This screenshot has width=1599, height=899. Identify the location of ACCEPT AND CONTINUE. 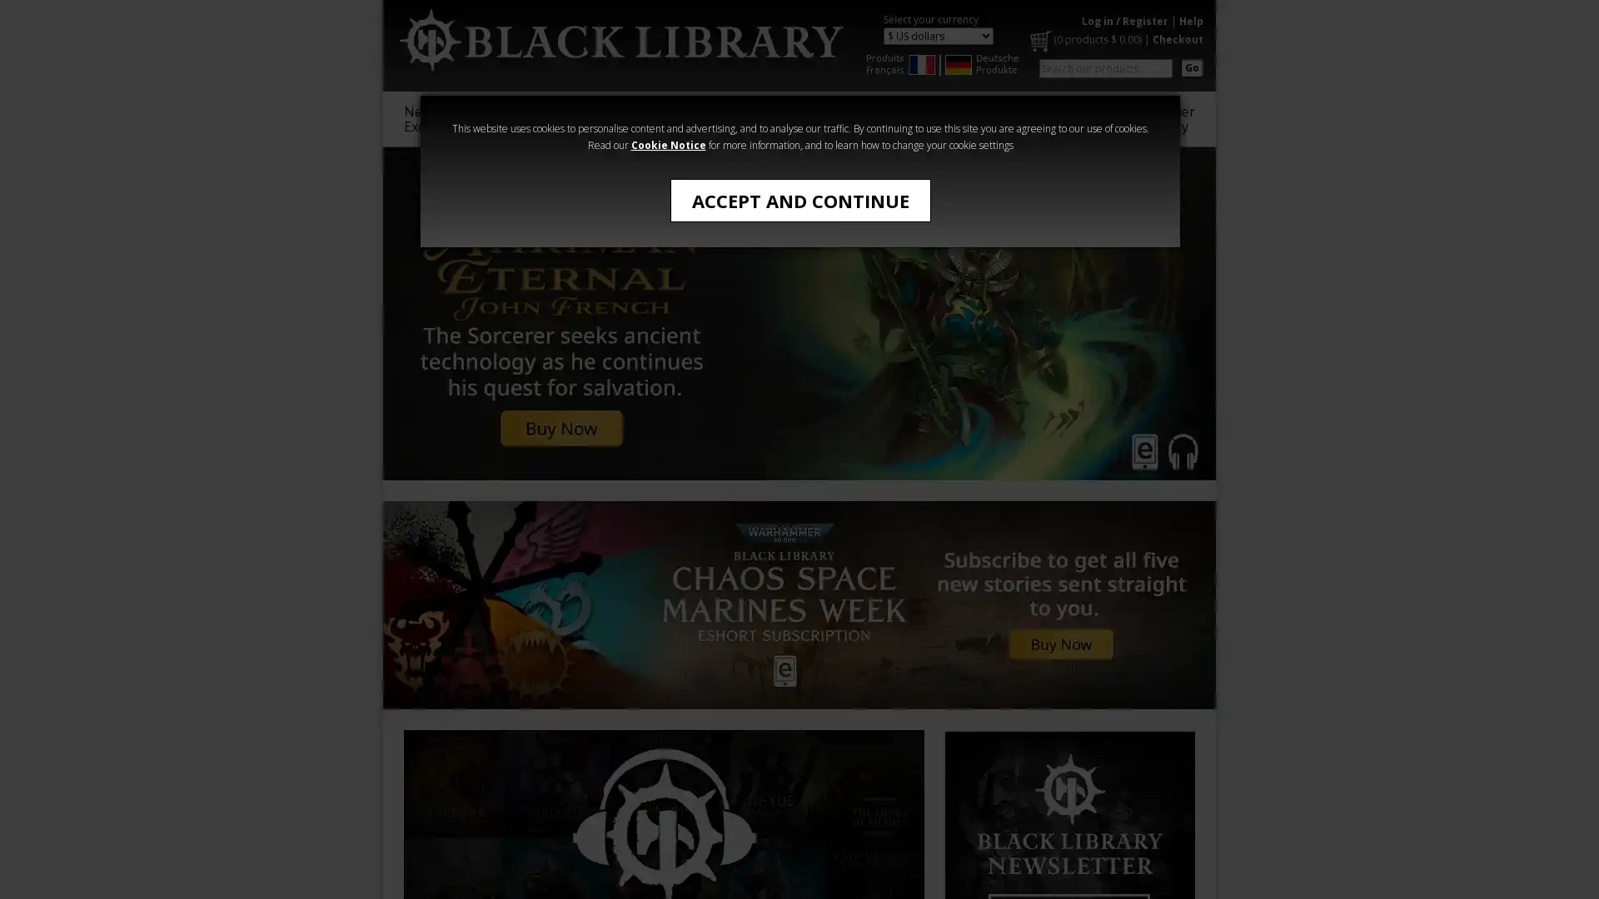
(799, 199).